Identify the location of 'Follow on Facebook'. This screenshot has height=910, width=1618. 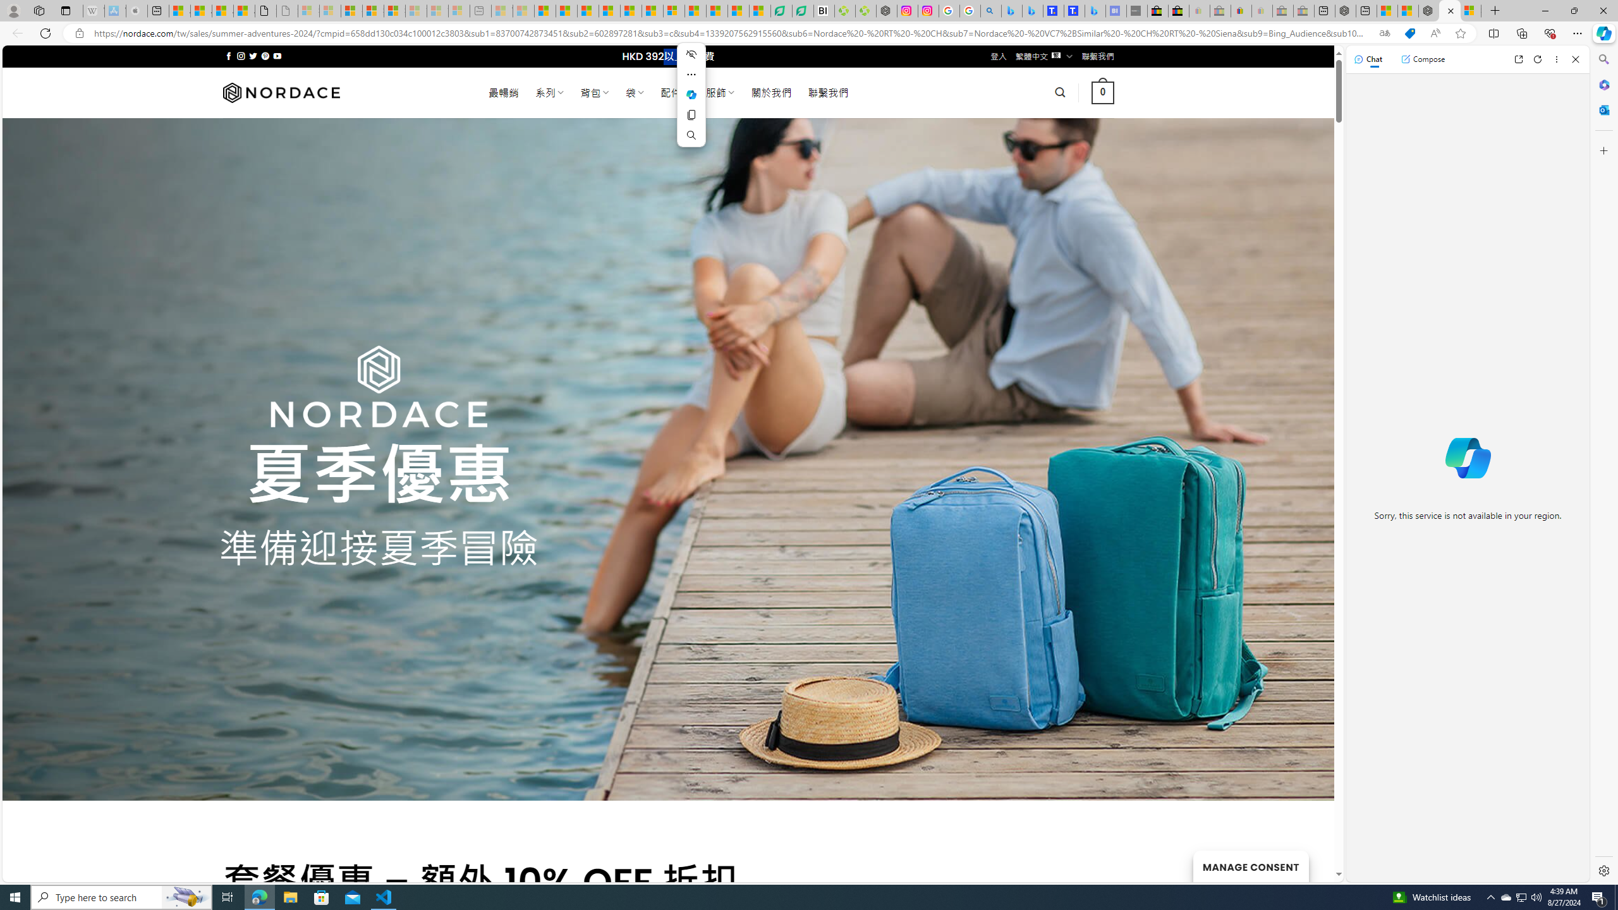
(229, 56).